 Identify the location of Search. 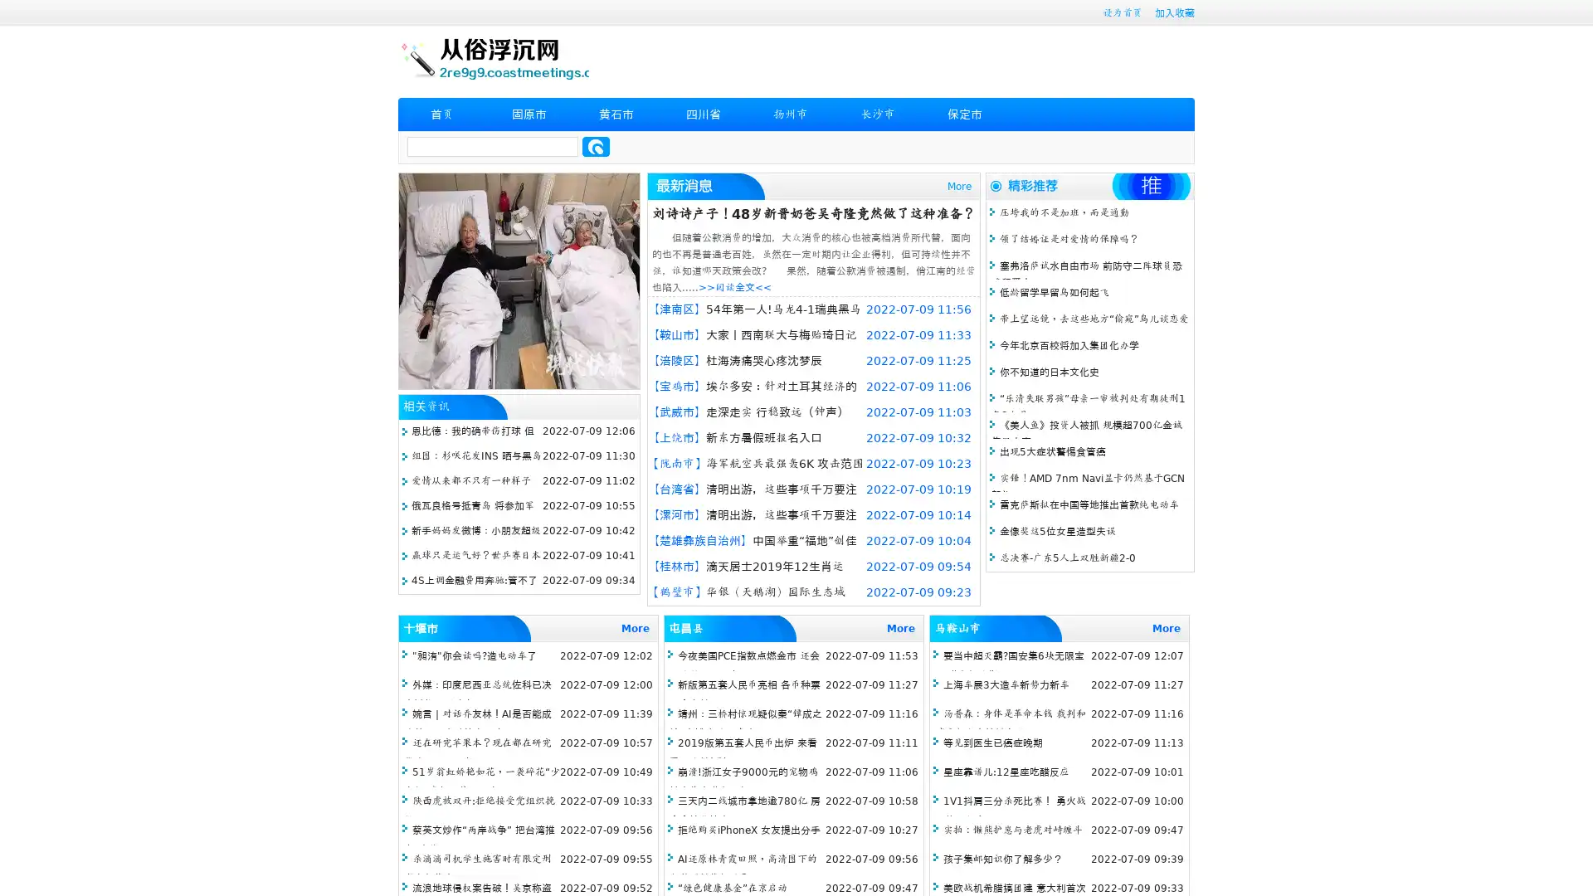
(596, 146).